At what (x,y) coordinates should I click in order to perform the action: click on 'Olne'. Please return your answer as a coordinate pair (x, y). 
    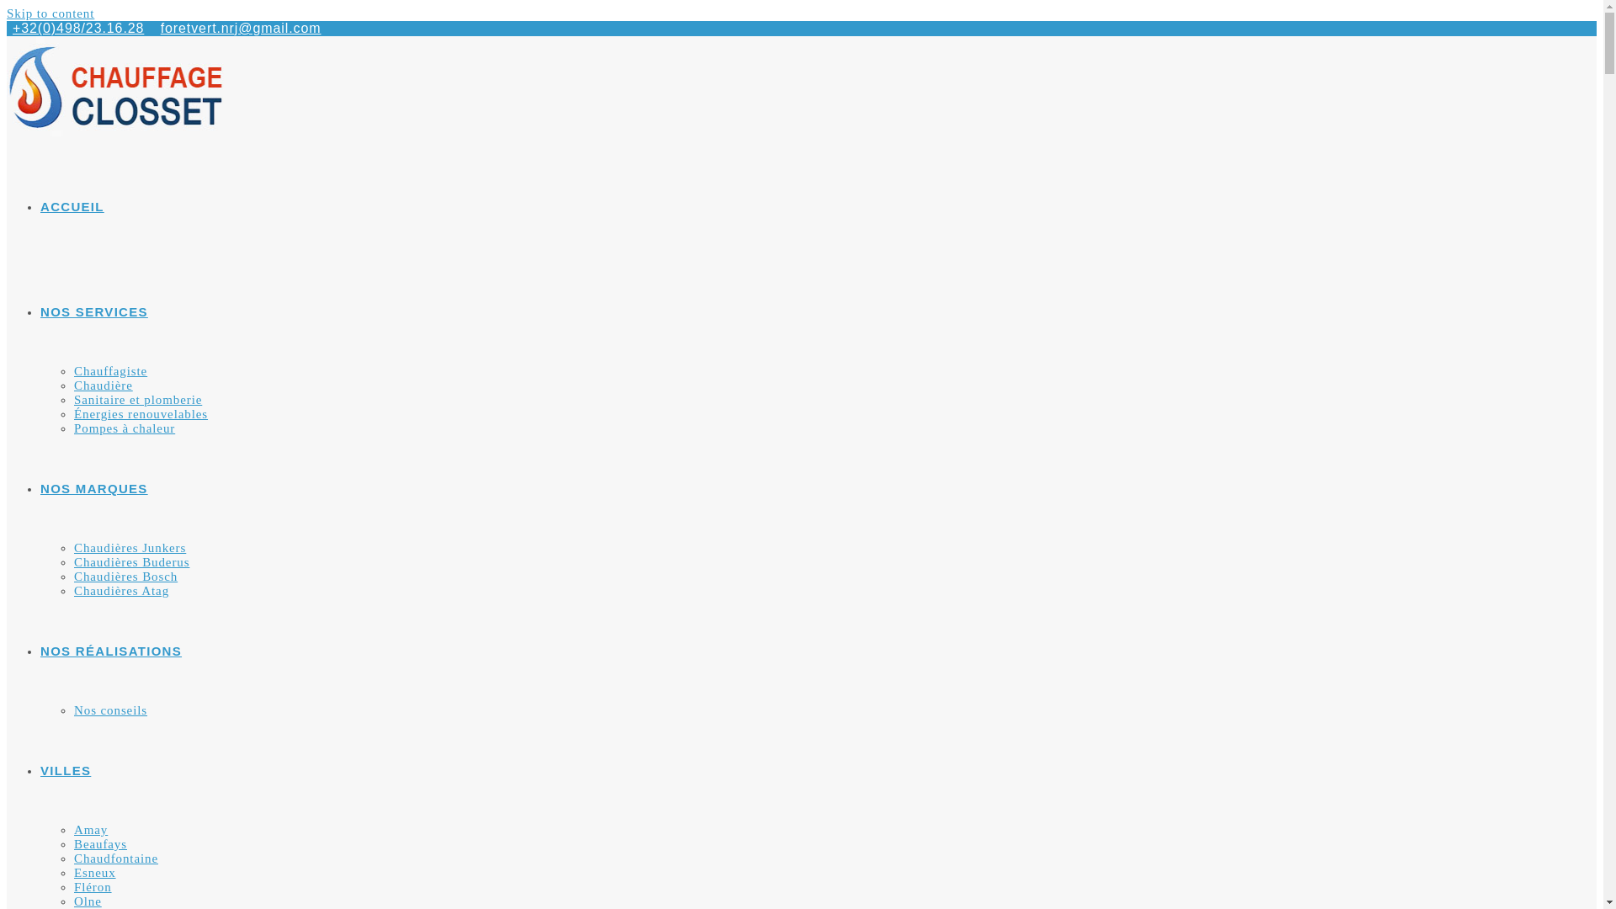
    Looking at the image, I should click on (87, 901).